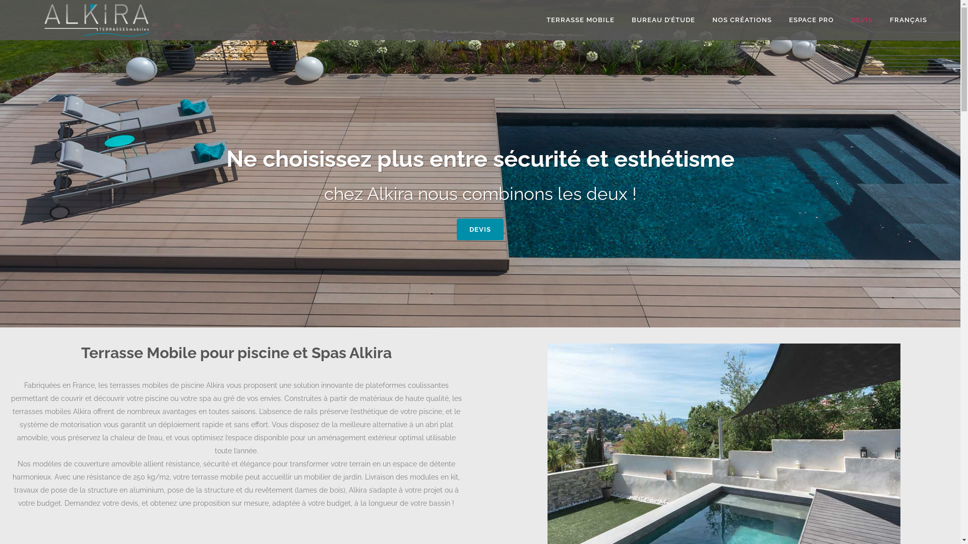 The width and height of the screenshot is (968, 544). I want to click on 'DEVIS', so click(479, 229).